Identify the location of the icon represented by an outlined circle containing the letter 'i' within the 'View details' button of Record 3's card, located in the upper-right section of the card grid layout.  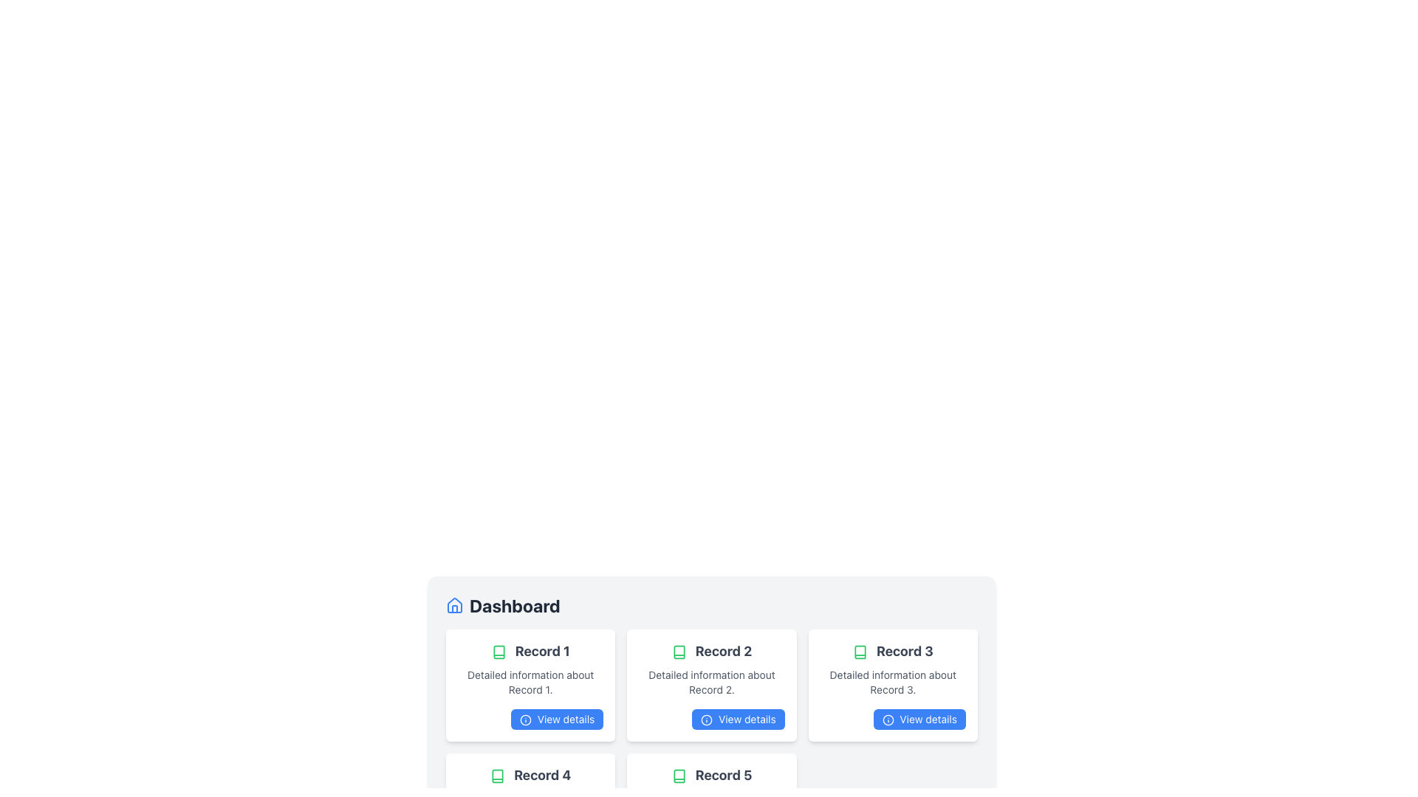
(887, 720).